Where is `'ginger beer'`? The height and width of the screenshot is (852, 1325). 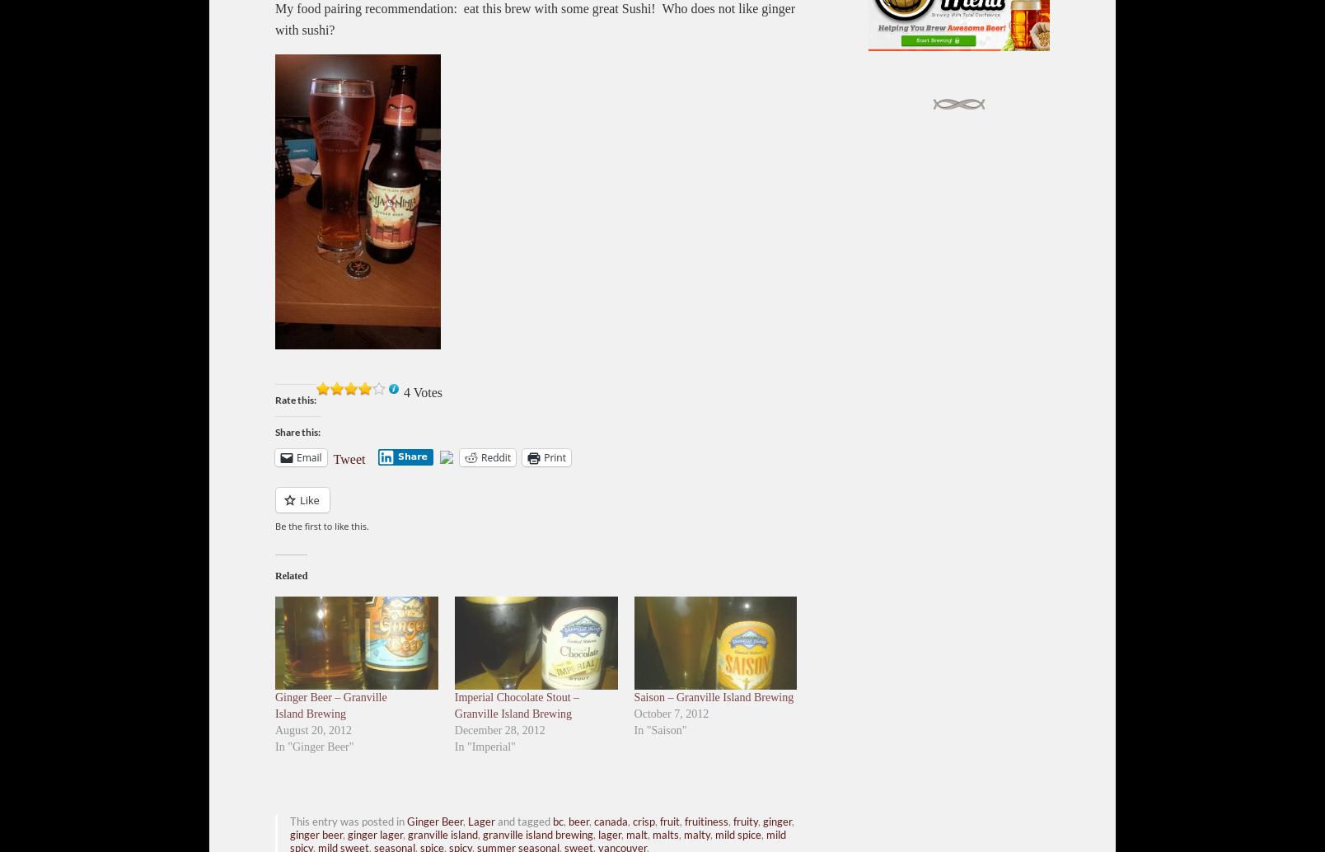
'ginger beer' is located at coordinates (316, 832).